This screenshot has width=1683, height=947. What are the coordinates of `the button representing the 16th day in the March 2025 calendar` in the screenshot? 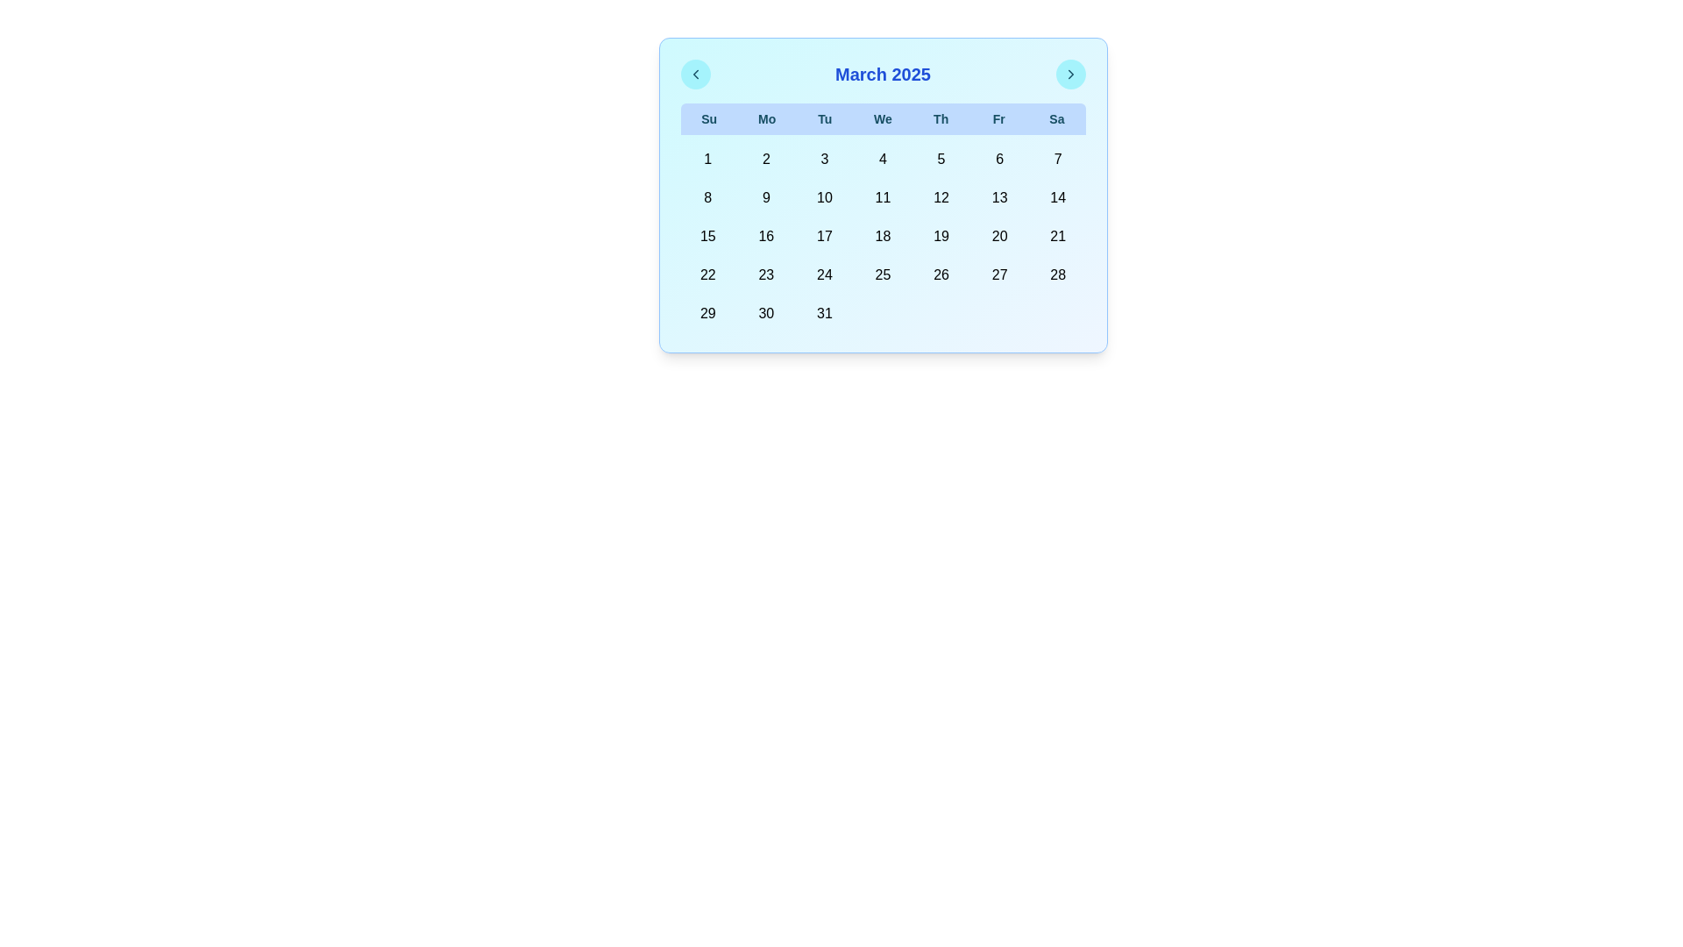 It's located at (766, 237).